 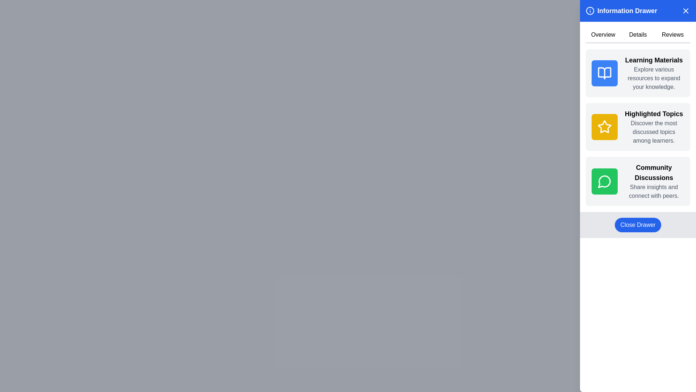 I want to click on on the 'Community Discussions' informative card located at the bottom of the content blocks in the 'Information Drawer' section, so click(x=638, y=181).